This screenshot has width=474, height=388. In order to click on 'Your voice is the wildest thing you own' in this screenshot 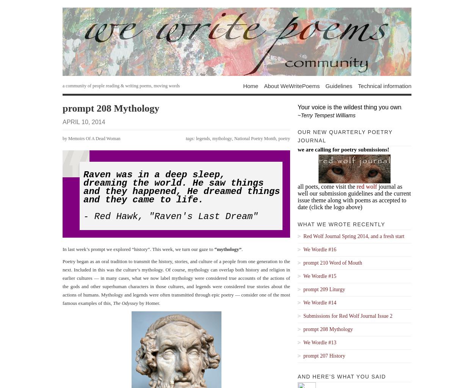, I will do `click(349, 107)`.